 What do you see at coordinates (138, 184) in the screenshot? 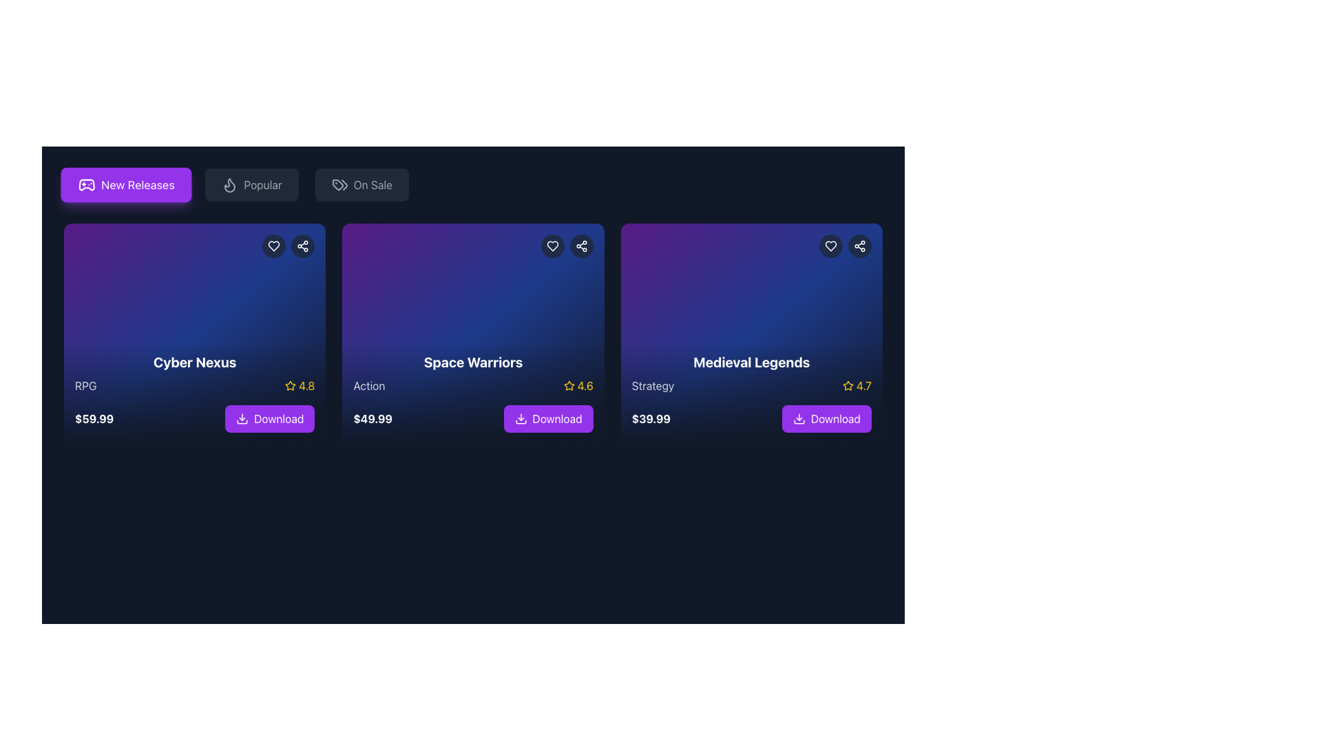
I see `the button labeled 'New Releases' which is the first button in the navigation options for viewing newly released items` at bounding box center [138, 184].